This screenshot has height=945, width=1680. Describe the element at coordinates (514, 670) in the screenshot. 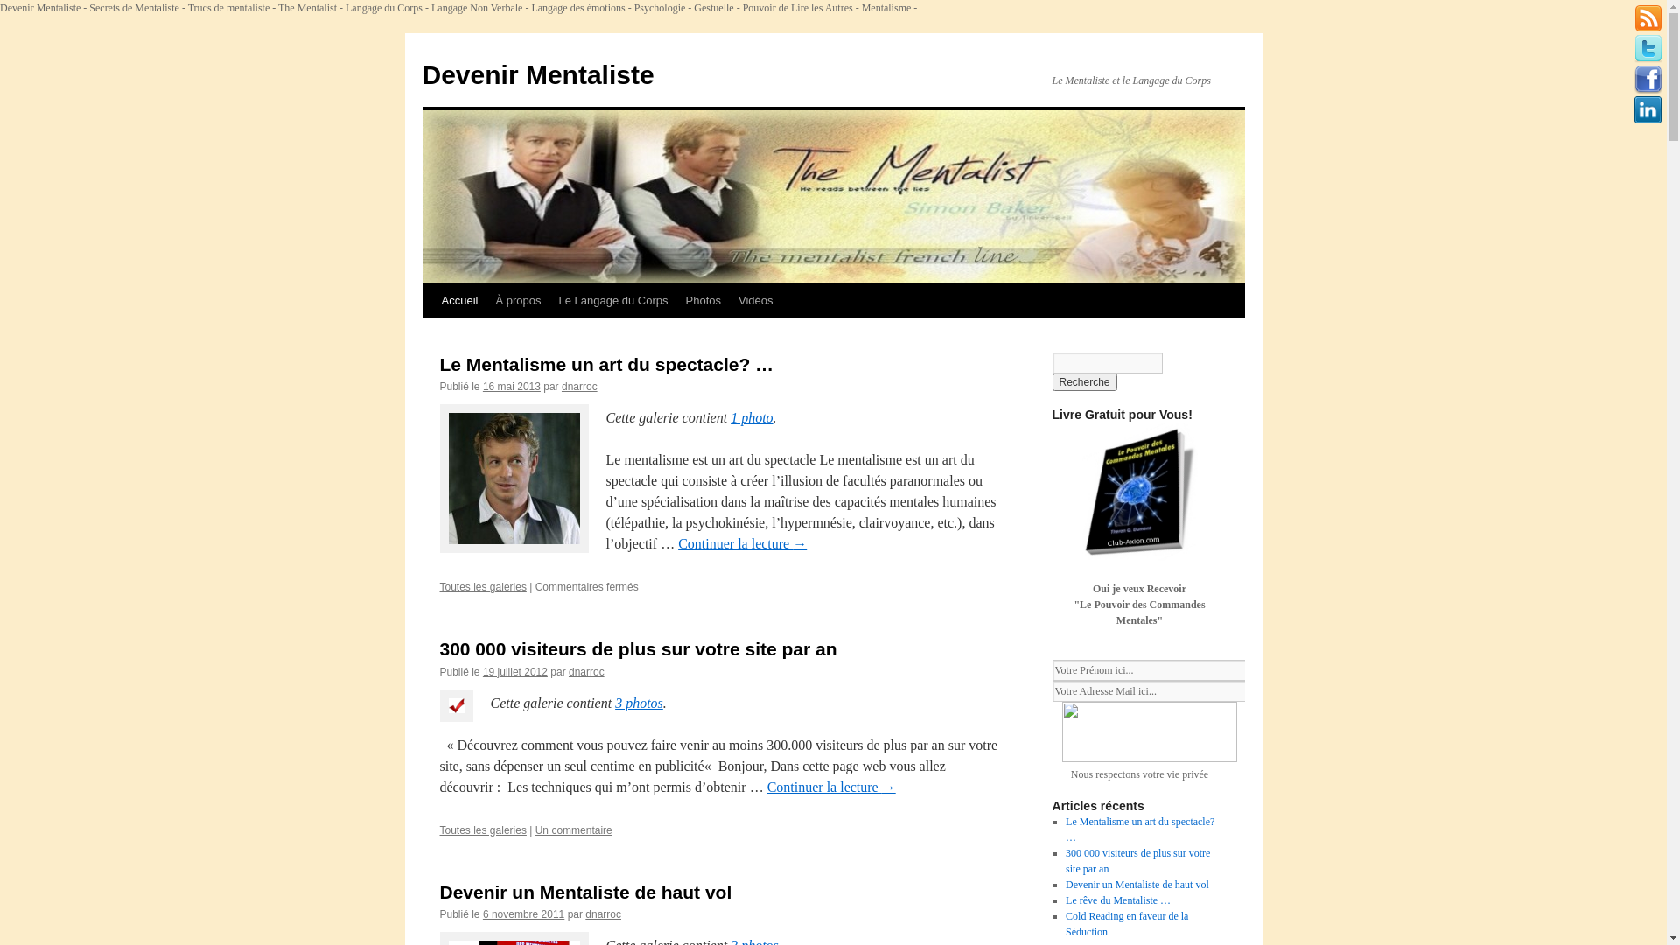

I see `'19 juillet 2012'` at that location.